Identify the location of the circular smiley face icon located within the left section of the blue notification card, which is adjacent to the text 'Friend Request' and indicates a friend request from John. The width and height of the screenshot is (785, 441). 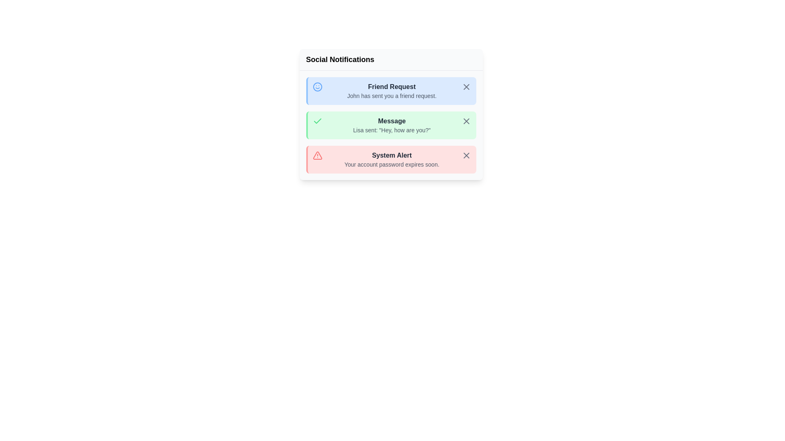
(317, 87).